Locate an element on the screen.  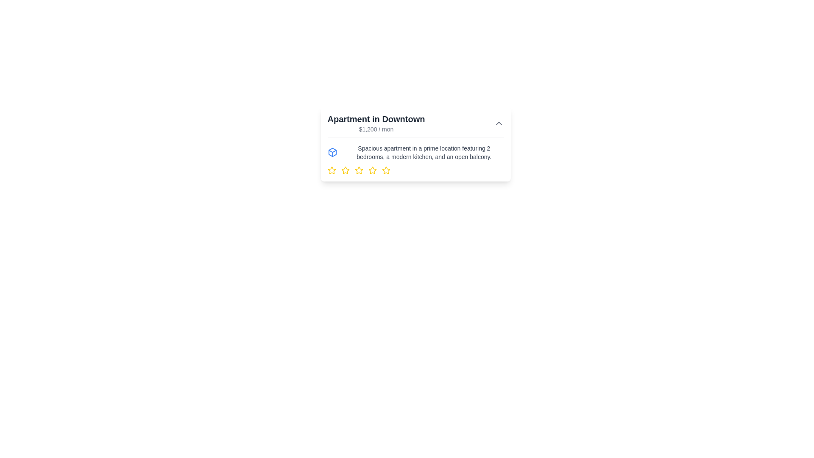
the fourth star icon with a yellow border and a white interior to rate it in the rating system is located at coordinates (372, 170).